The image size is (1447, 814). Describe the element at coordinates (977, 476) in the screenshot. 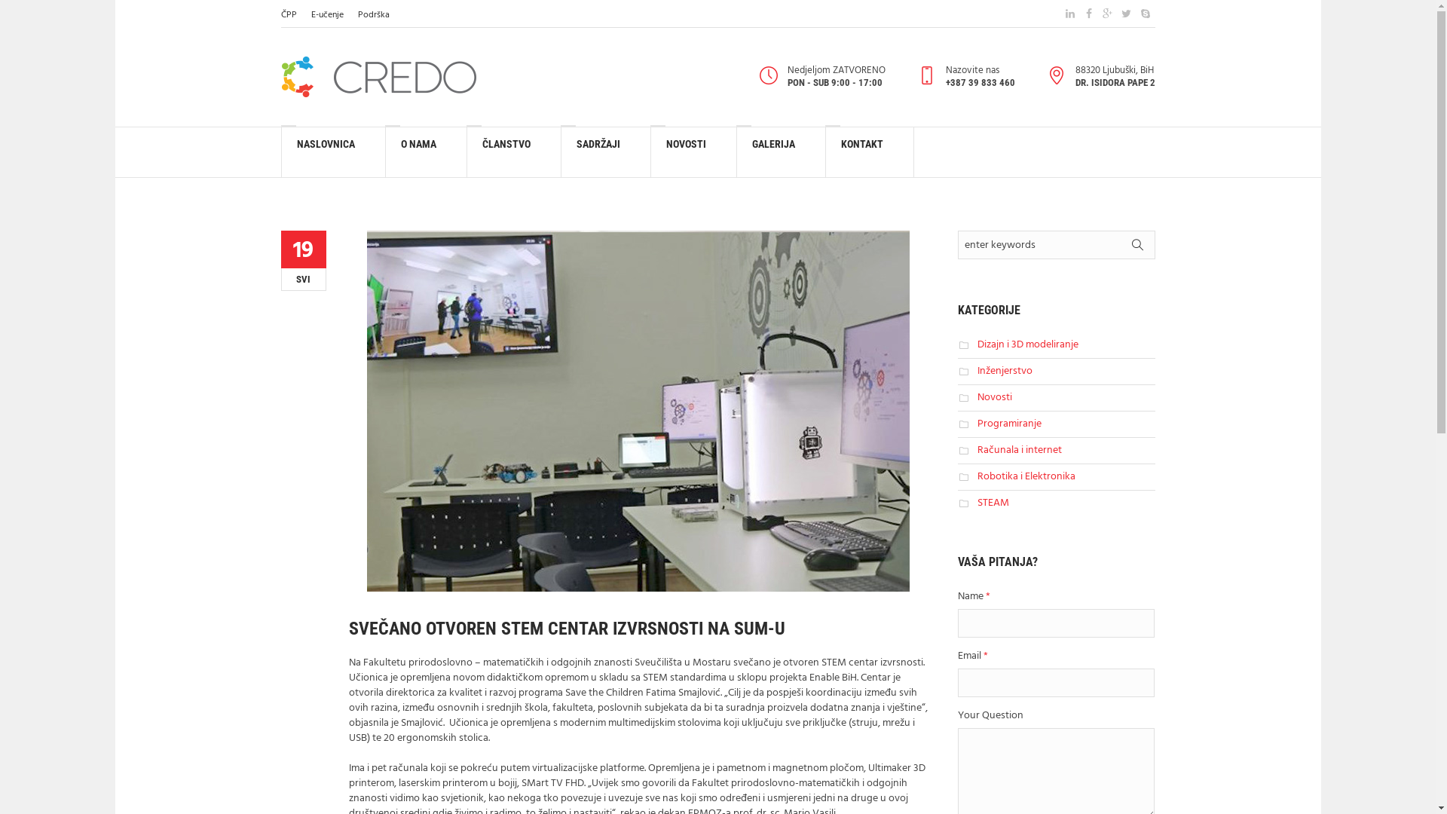

I see `'Robotika i Elektronika'` at that location.